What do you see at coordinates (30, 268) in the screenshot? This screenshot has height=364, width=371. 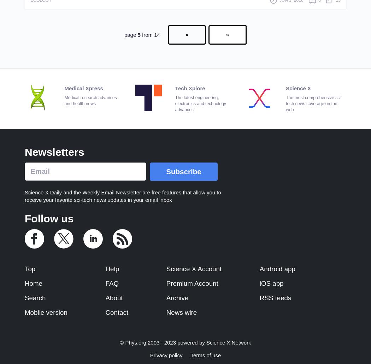 I see `'Top'` at bounding box center [30, 268].